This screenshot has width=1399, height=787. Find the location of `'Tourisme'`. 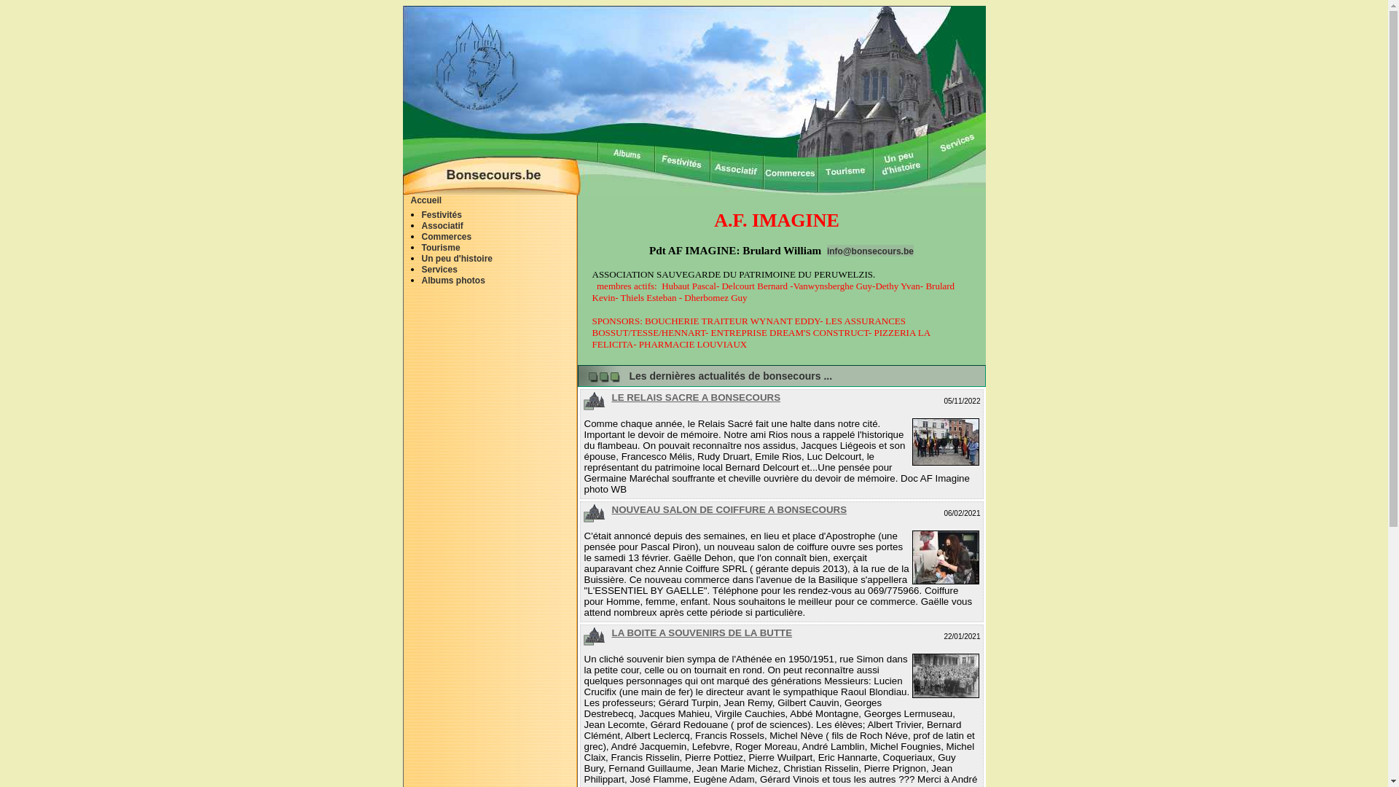

'Tourisme' is located at coordinates (439, 246).